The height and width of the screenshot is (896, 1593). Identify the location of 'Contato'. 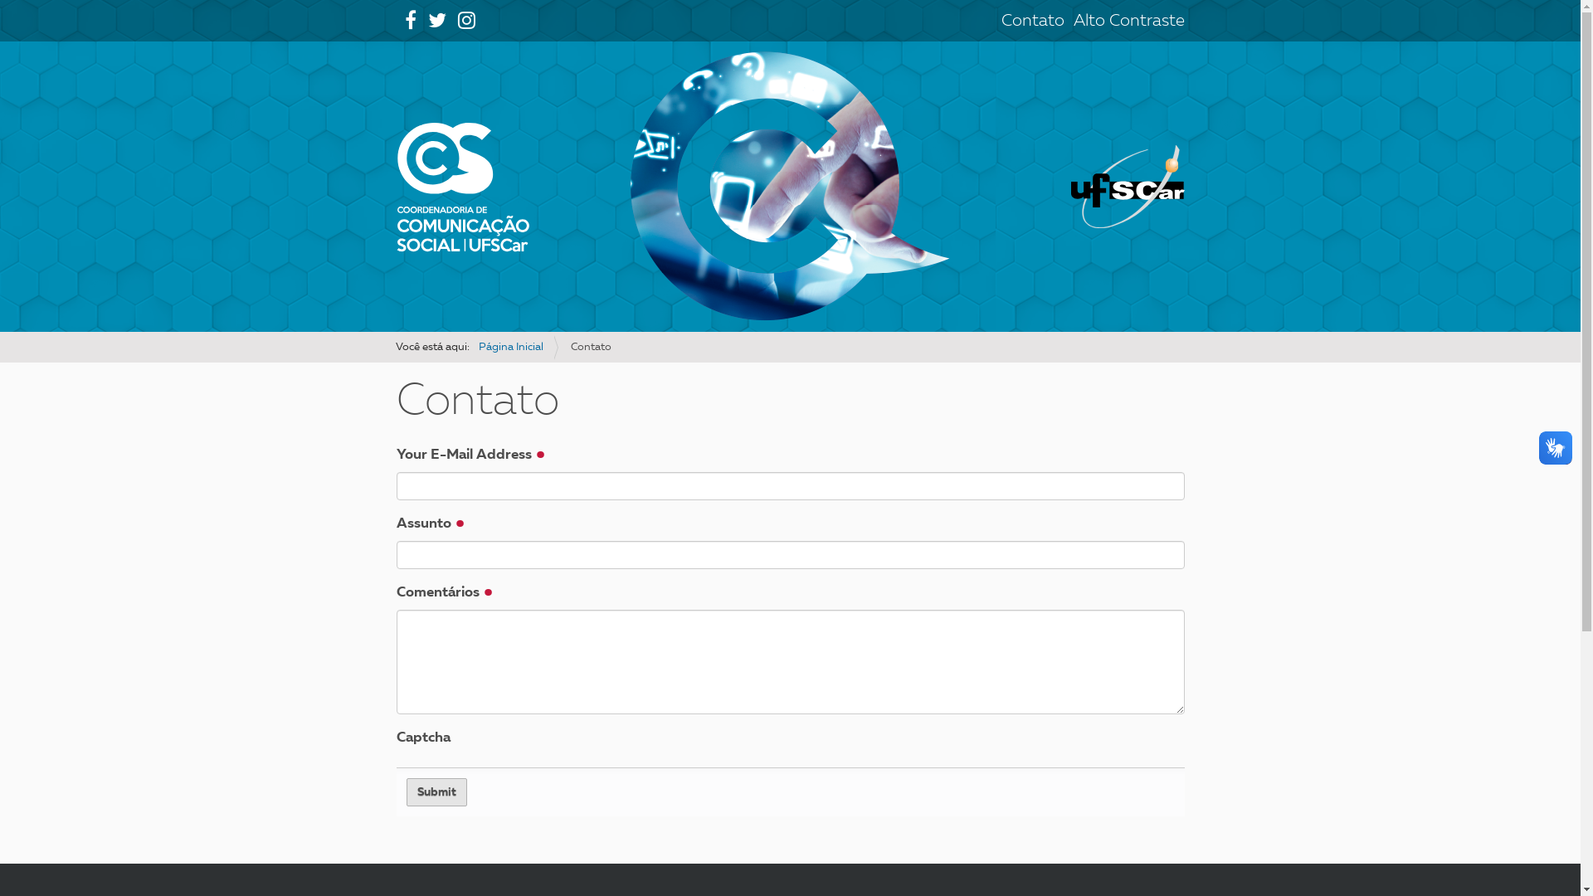
(1030, 22).